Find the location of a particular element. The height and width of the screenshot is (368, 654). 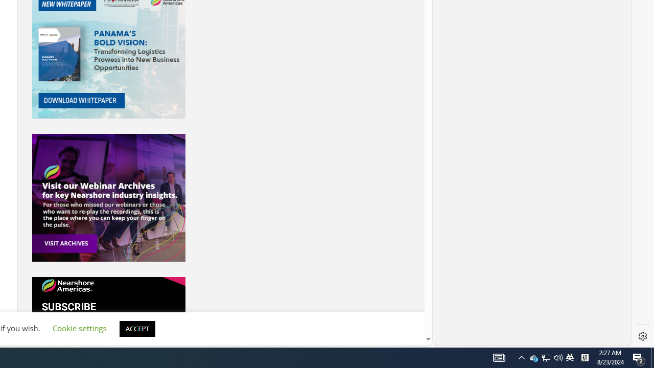

'Events-Banner-Ad.jpg' is located at coordinates (108, 198).